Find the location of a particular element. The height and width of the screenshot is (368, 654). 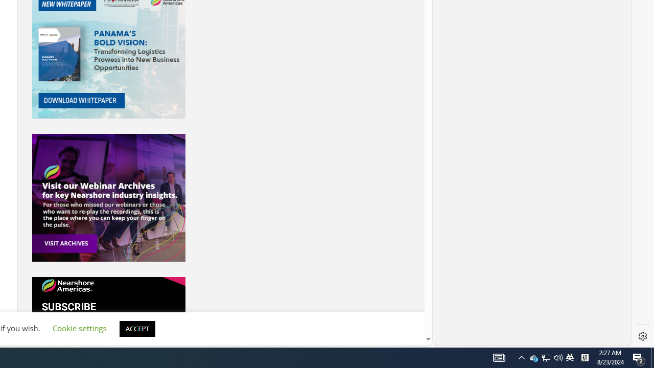

'Events-Banner-Ad.jpg' is located at coordinates (108, 198).